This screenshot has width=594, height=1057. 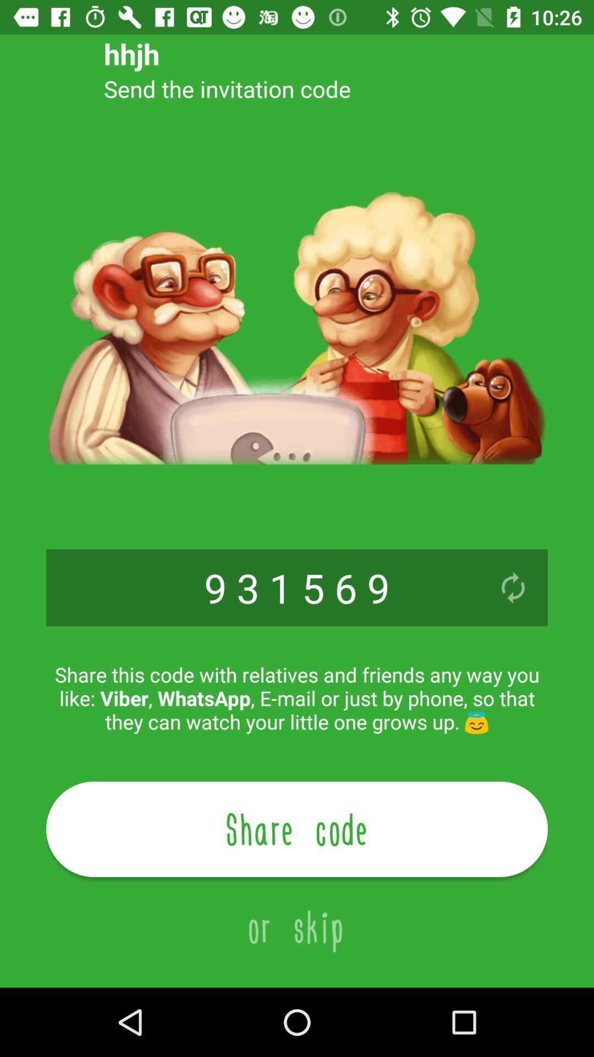 What do you see at coordinates (513, 587) in the screenshot?
I see `refresh` at bounding box center [513, 587].